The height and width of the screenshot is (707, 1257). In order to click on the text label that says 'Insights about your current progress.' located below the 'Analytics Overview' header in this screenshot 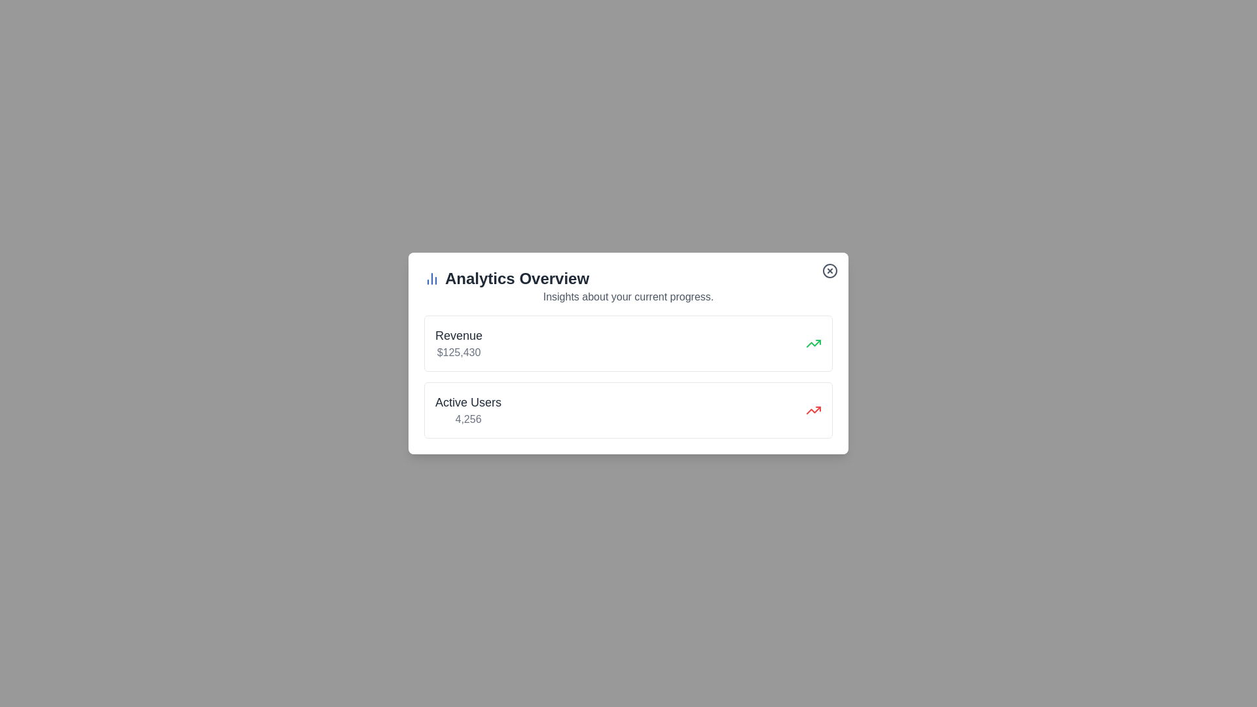, I will do `click(628, 297)`.